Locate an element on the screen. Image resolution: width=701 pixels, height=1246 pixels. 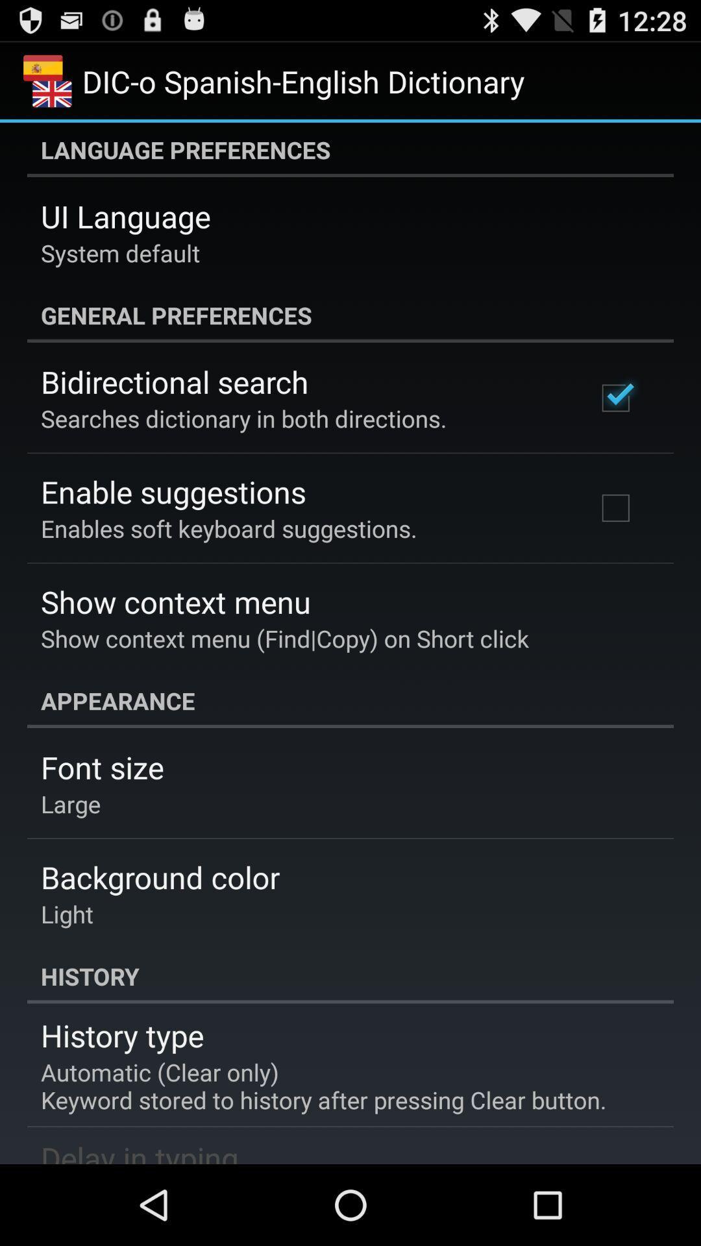
general preferences item is located at coordinates (350, 315).